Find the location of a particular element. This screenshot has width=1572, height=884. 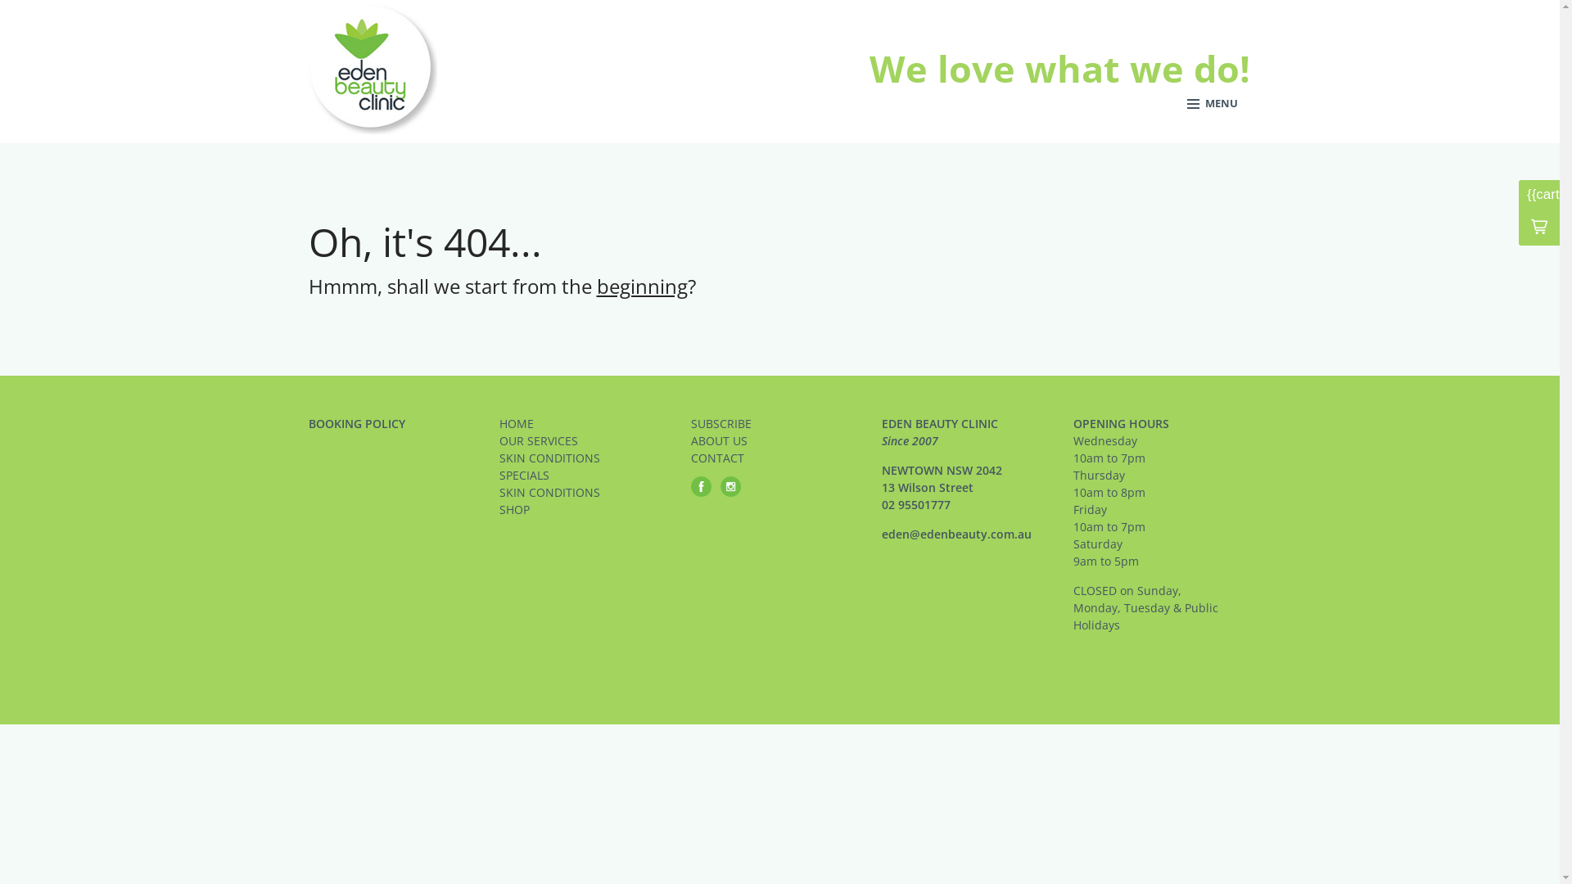

'SHOP' is located at coordinates (589, 508).